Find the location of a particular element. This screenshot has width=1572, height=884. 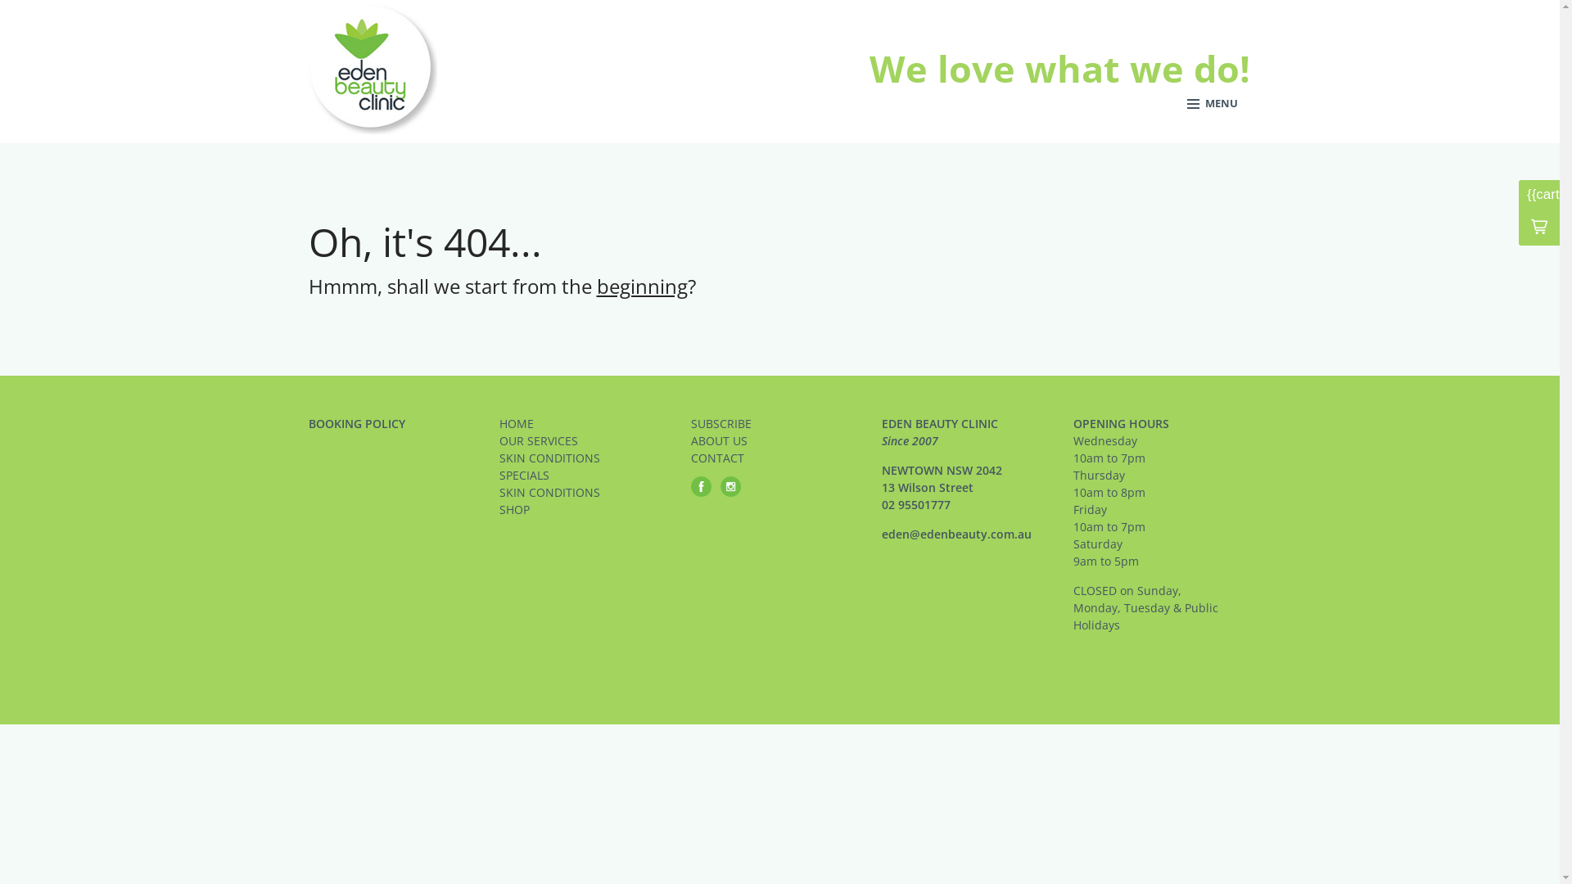

'SHOP' is located at coordinates (589, 508).